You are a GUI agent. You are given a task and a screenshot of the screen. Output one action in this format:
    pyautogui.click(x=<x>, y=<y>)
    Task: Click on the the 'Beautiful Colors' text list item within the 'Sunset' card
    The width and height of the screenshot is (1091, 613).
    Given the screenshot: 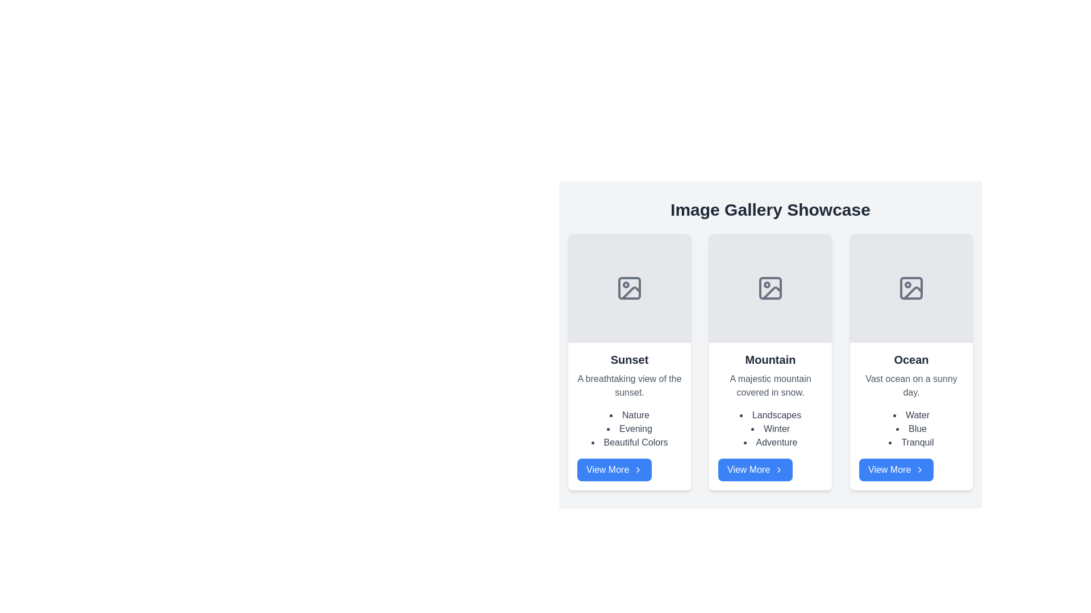 What is the action you would take?
    pyautogui.click(x=629, y=442)
    